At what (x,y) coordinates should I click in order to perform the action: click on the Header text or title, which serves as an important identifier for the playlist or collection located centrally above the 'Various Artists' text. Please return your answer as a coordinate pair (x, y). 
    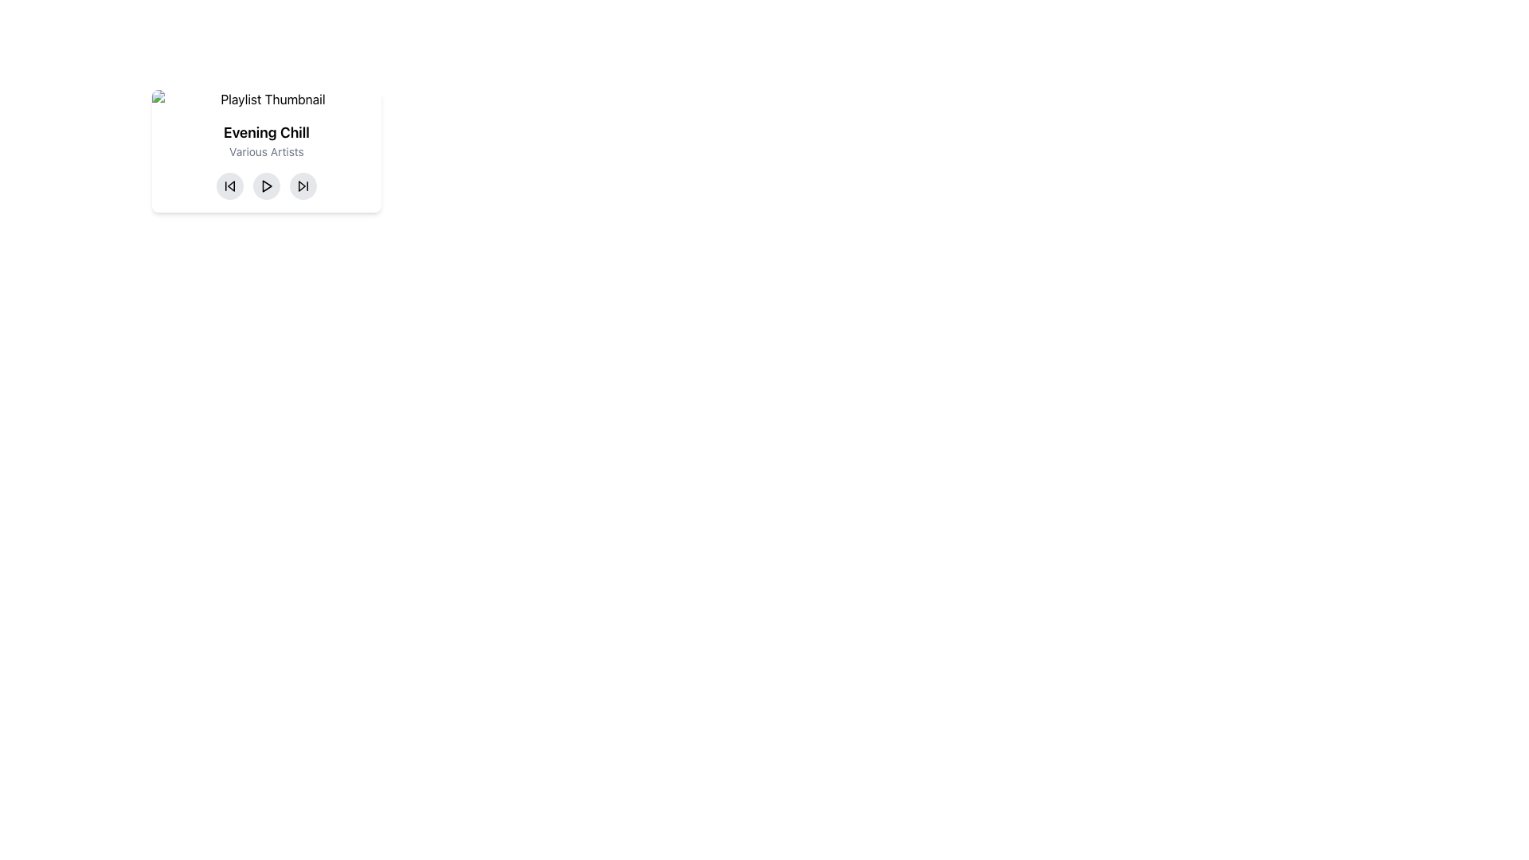
    Looking at the image, I should click on (267, 131).